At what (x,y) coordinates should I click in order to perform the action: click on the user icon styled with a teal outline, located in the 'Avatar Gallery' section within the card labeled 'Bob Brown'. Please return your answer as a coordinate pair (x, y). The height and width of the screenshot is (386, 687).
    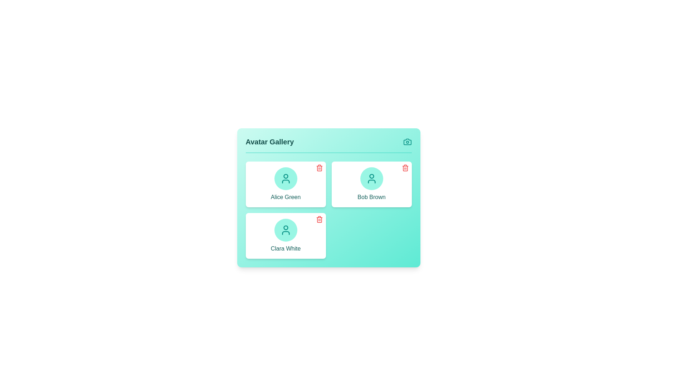
    Looking at the image, I should click on (371, 178).